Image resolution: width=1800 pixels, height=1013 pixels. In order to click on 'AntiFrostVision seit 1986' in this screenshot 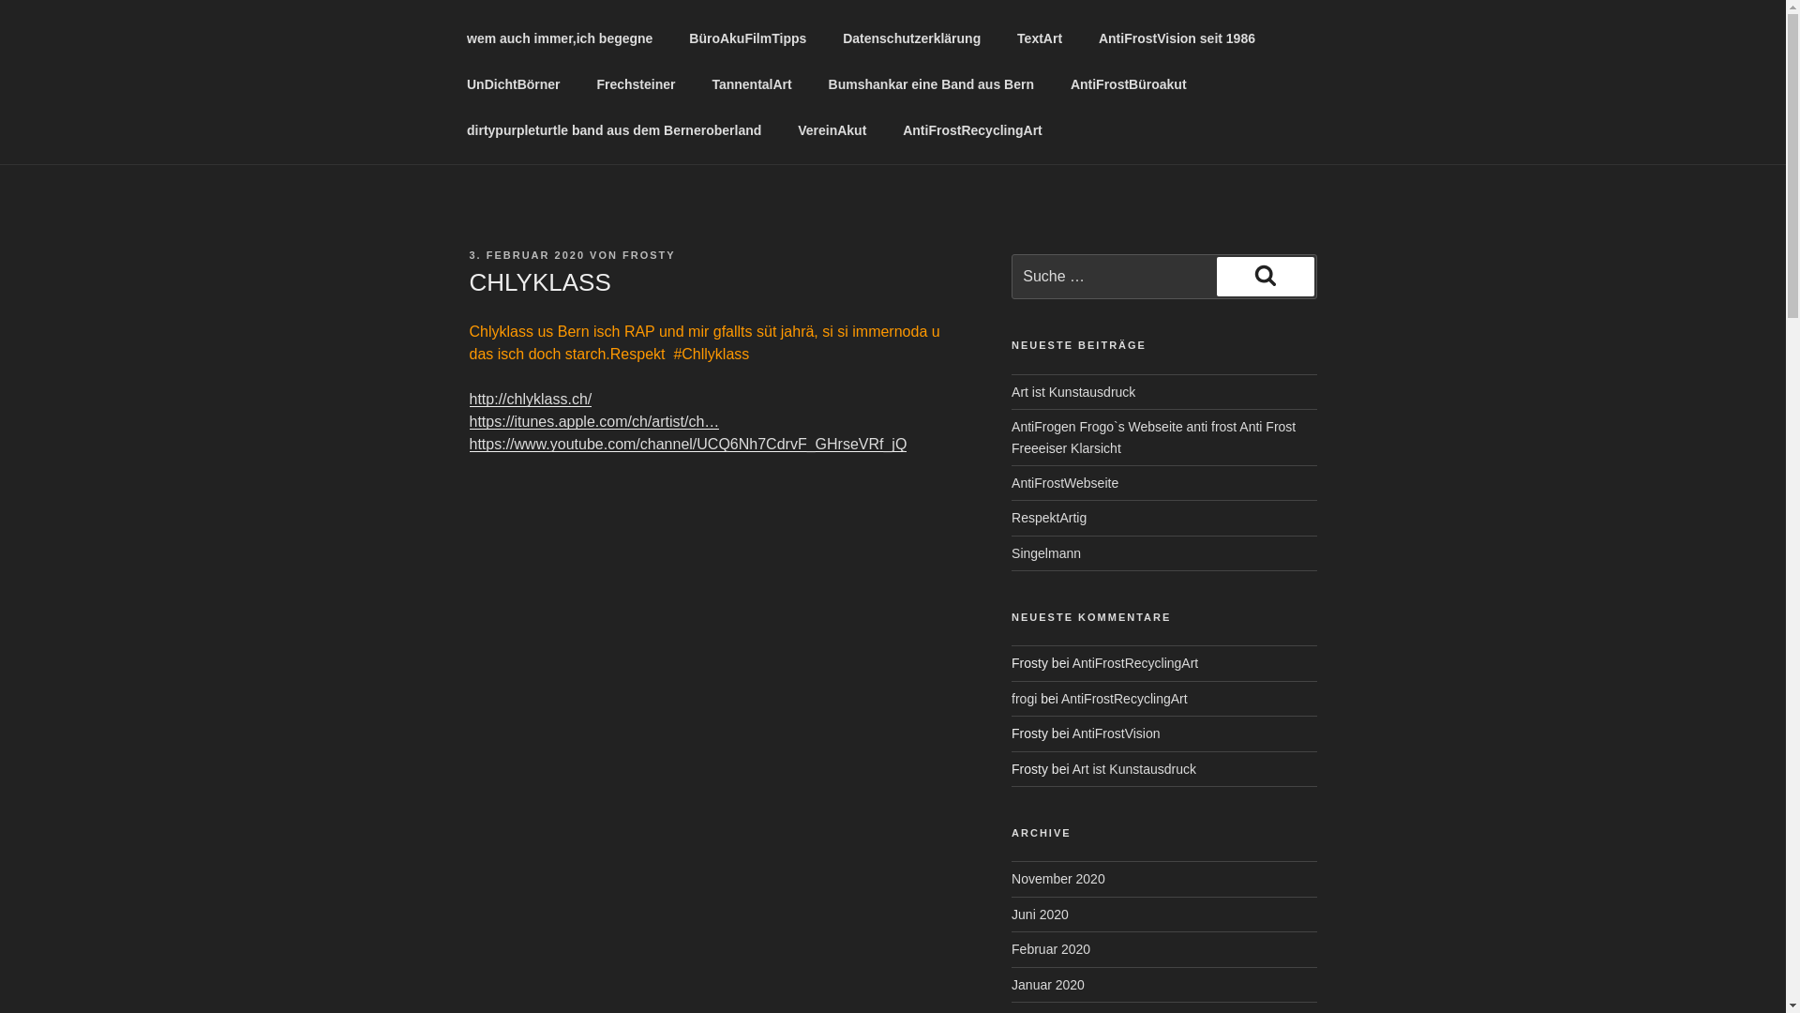, I will do `click(1175, 38)`.